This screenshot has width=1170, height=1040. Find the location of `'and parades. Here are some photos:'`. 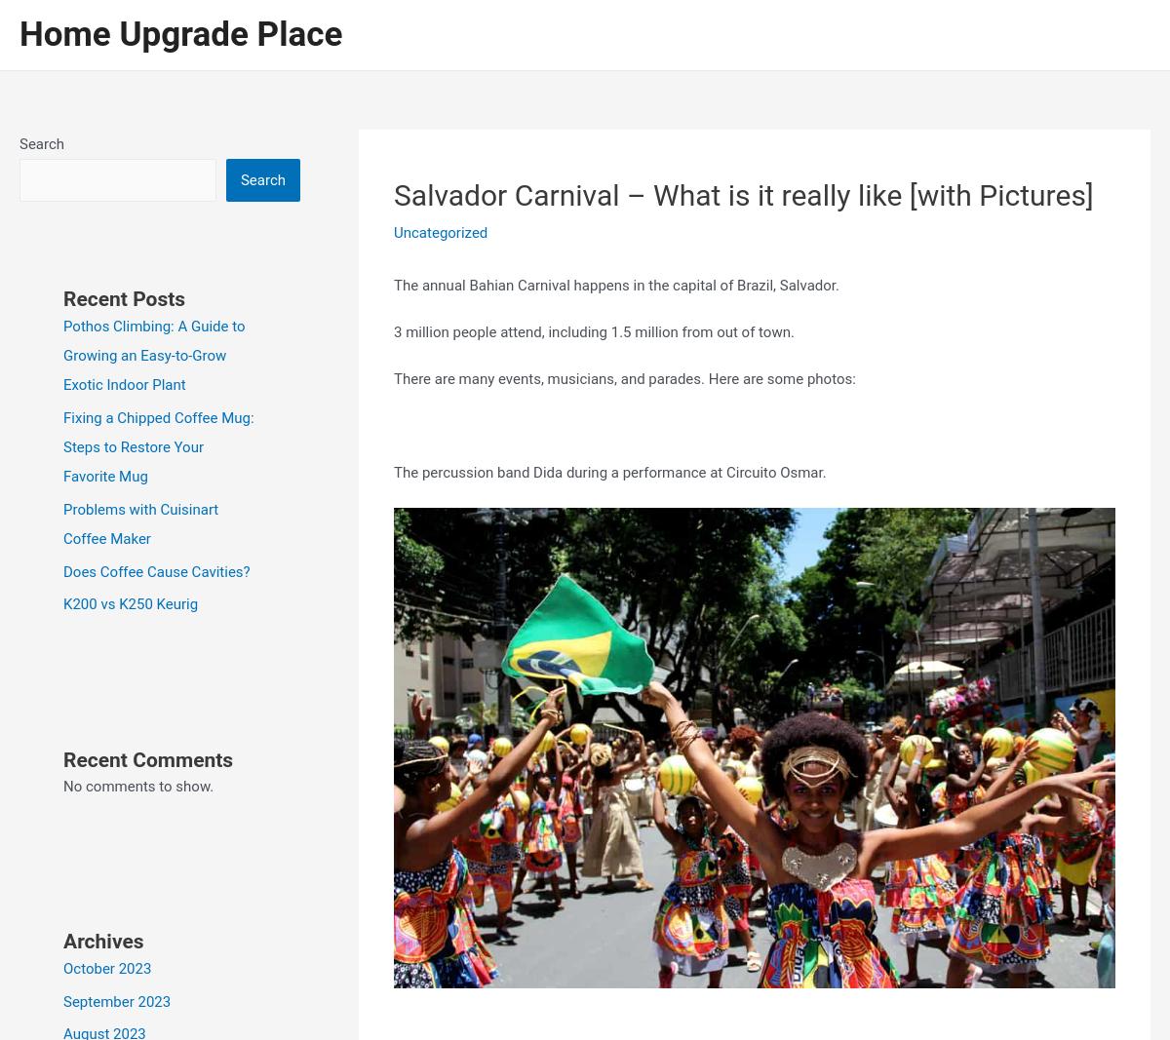

'and parades. Here are some photos:' is located at coordinates (620, 376).